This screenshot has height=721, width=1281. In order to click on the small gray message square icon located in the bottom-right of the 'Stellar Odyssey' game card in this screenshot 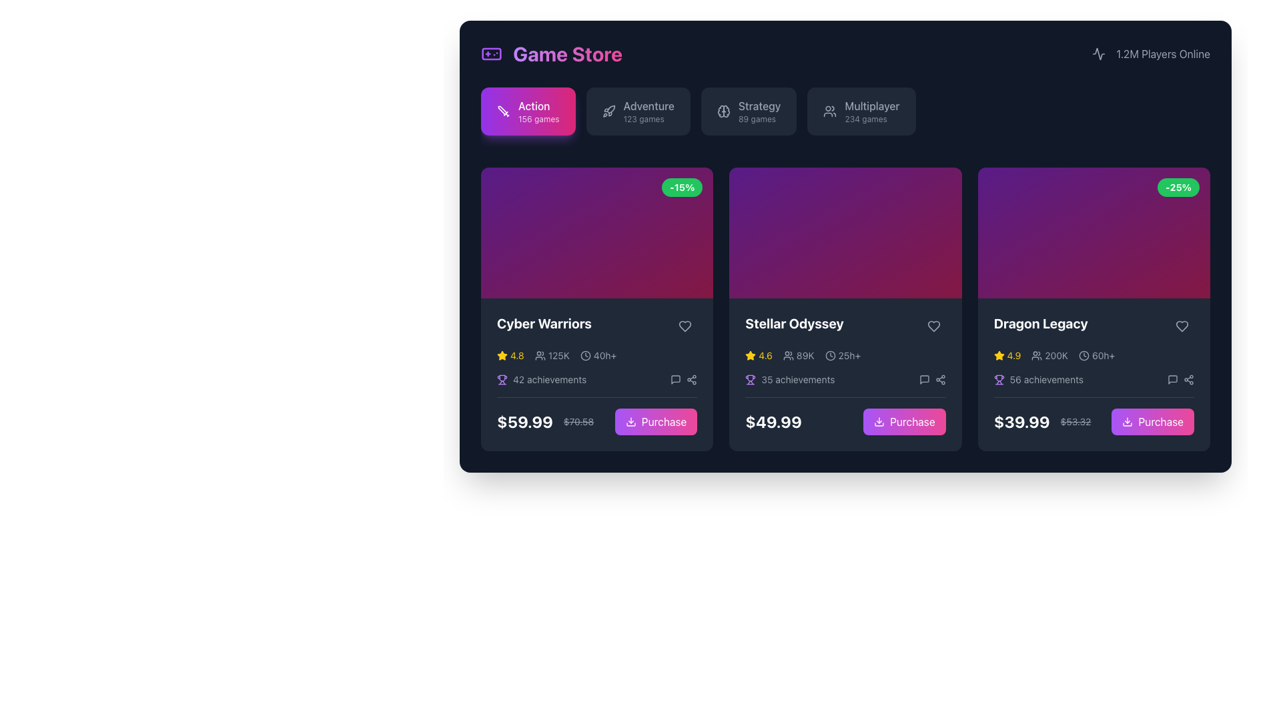, I will do `click(923, 379)`.